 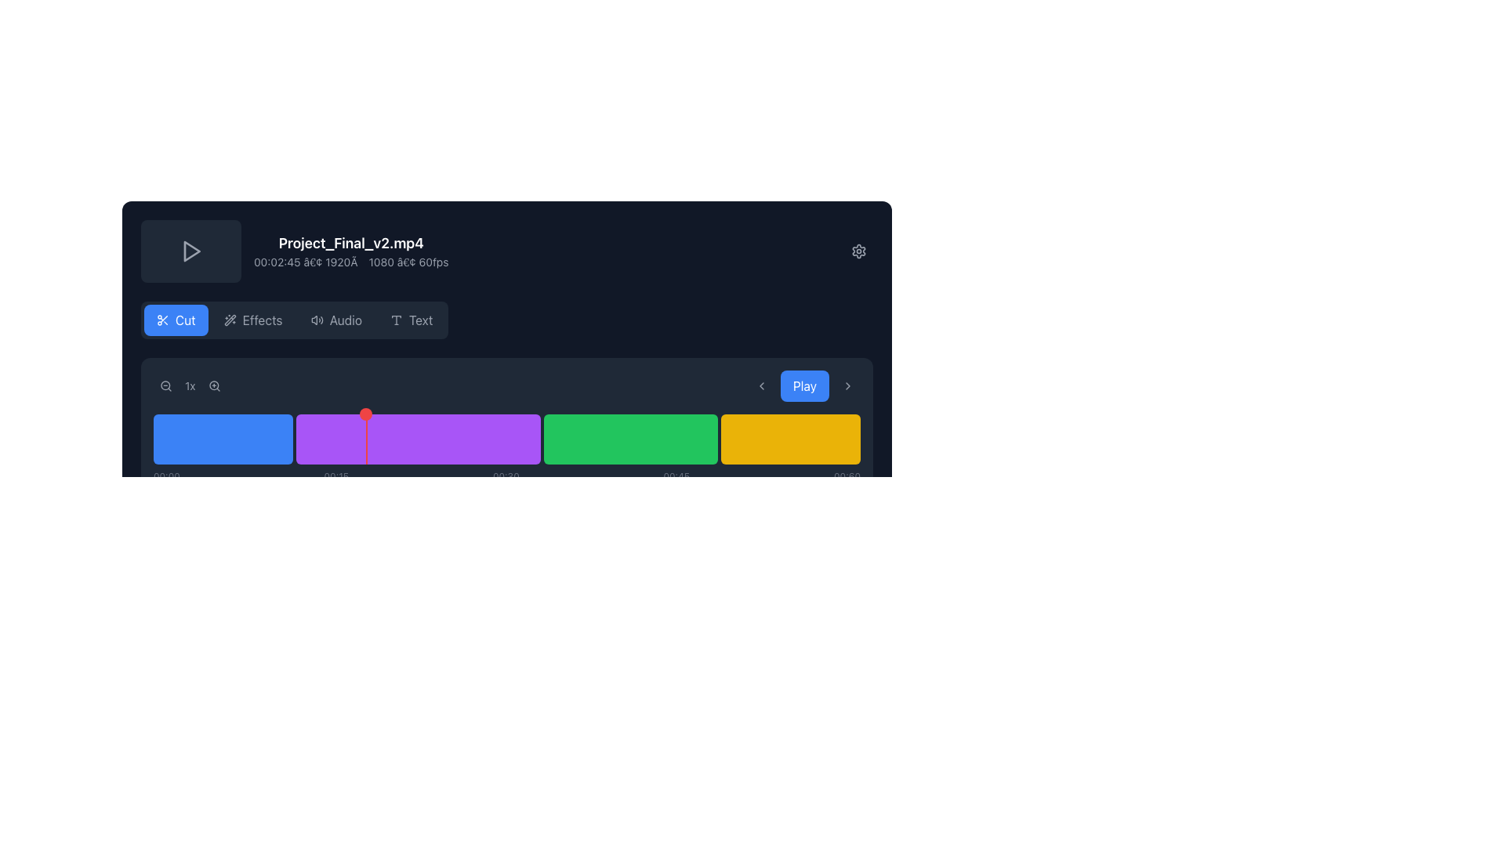 What do you see at coordinates (189, 386) in the screenshot?
I see `the text label displaying '1x' styled with a gray color scheme, located between a zoom-out icon and a zoom-in icon` at bounding box center [189, 386].